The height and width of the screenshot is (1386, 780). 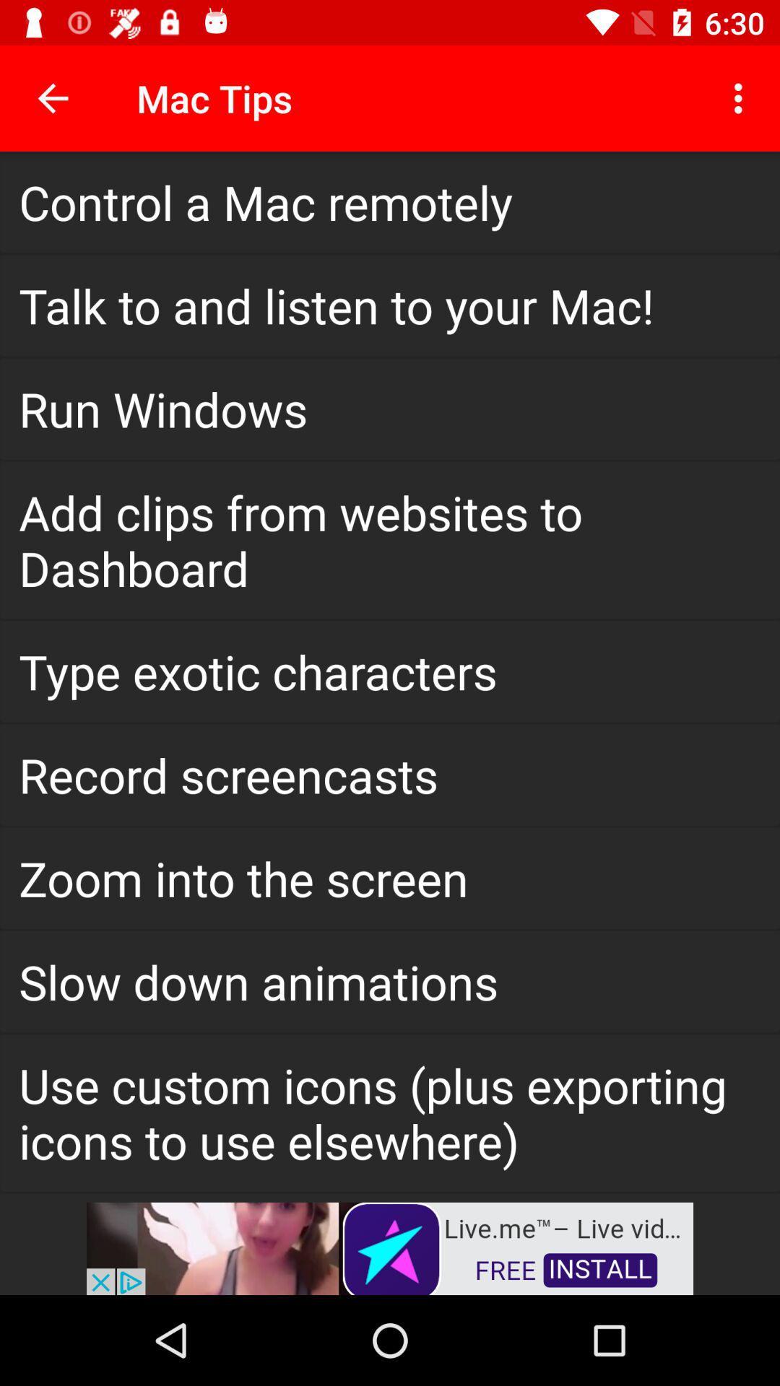 What do you see at coordinates (390, 1247) in the screenshot?
I see `open advertisement` at bounding box center [390, 1247].